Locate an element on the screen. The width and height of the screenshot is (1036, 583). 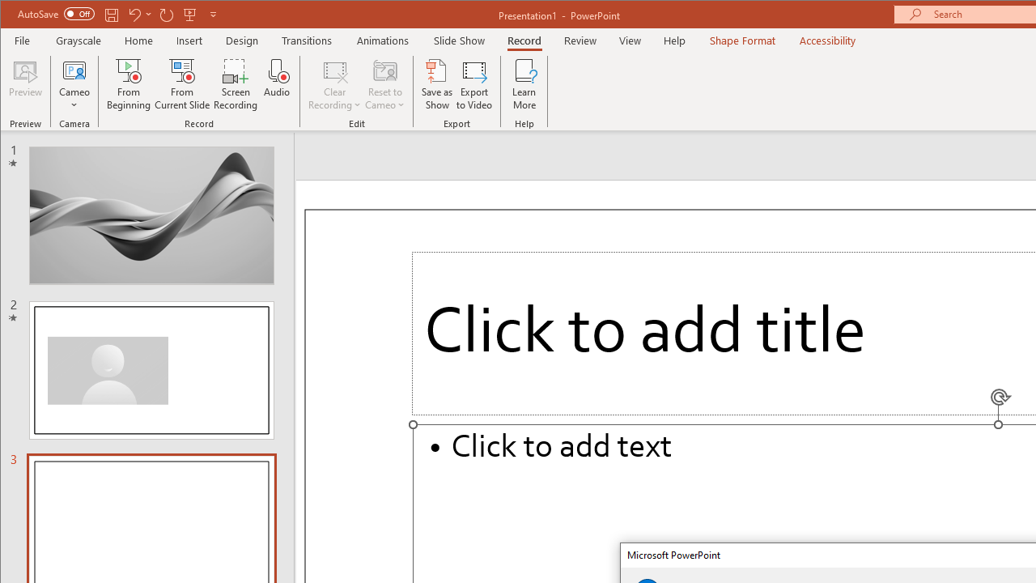
'Shape Format' is located at coordinates (741, 40).